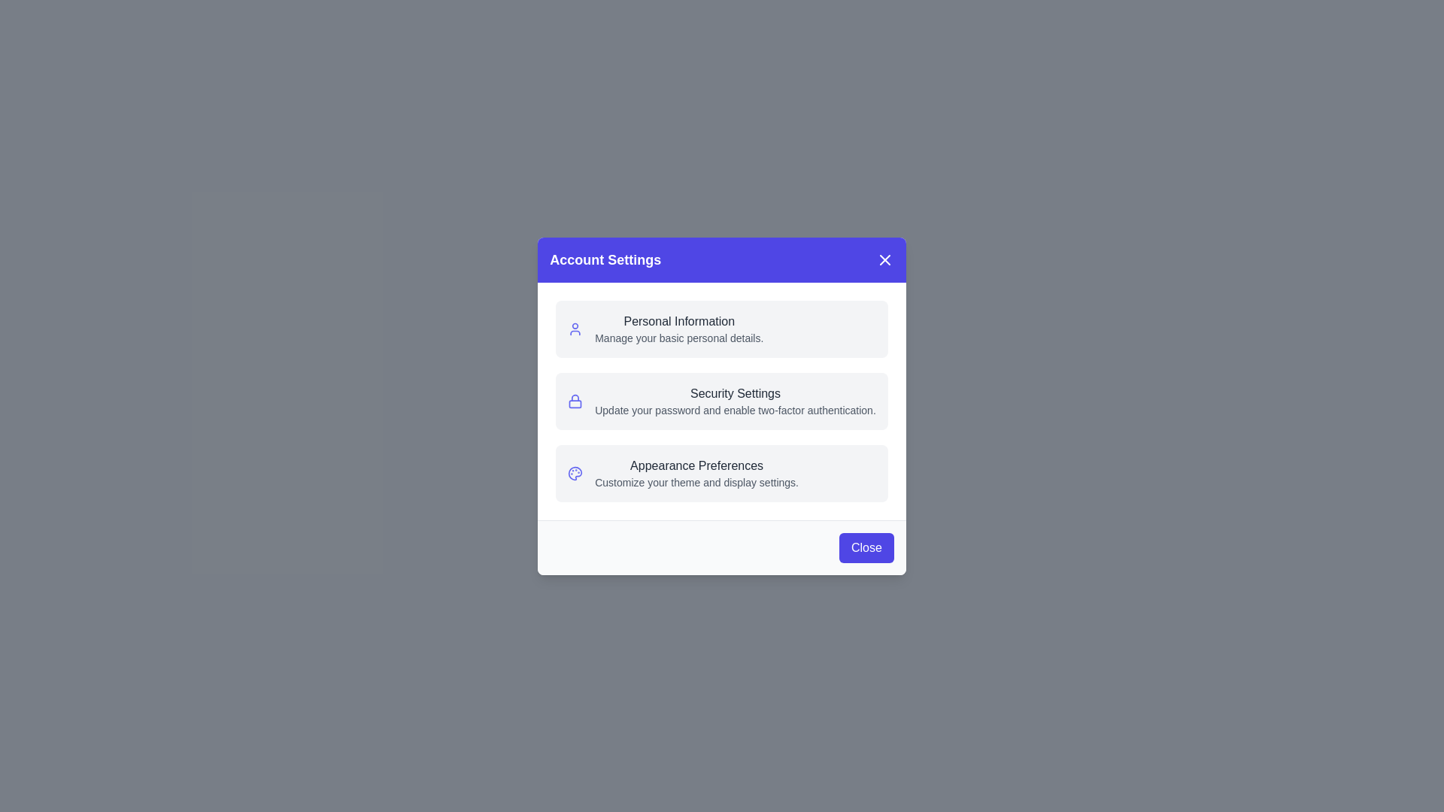  Describe the element at coordinates (884, 259) in the screenshot. I see `the close button represented by a white 'X' icon in a circle, located in the top-right corner of the blue header bar of the 'Account Settings' modal for keyboard navigation` at that location.